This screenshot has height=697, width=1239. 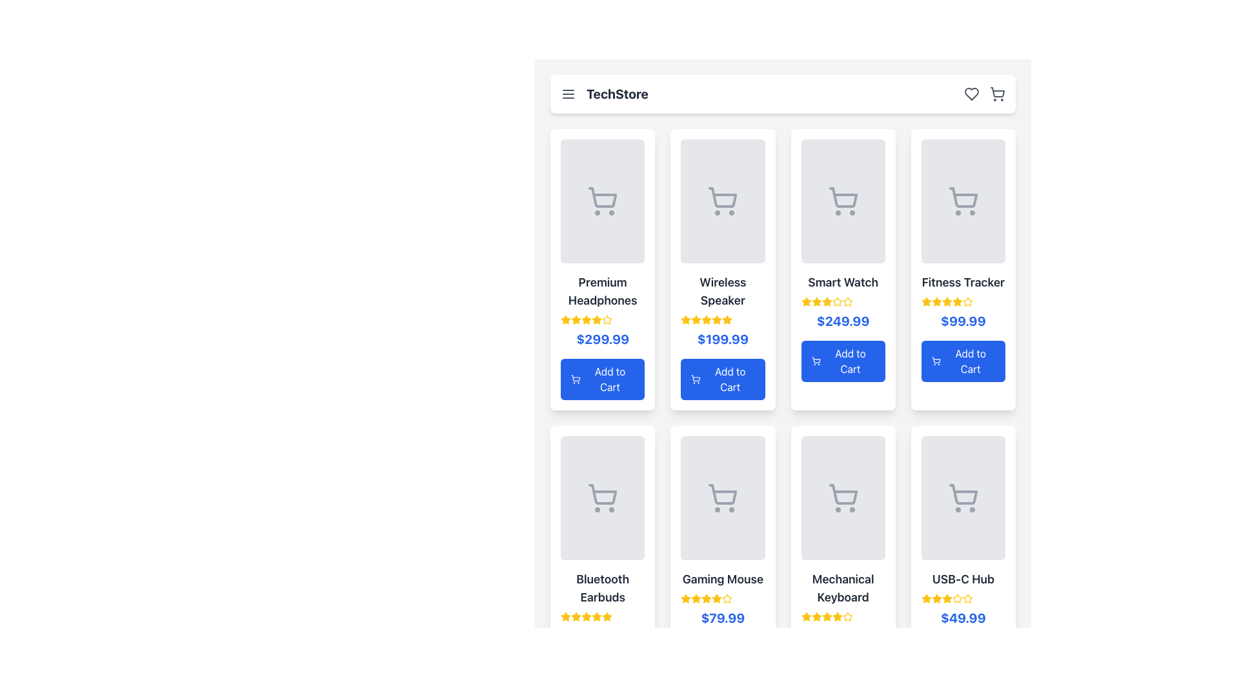 I want to click on the shopping cart icon element, which is styled in a line art format with a thin blue stroke, located in the Add to Cart button area of the Smart Watch product card, so click(x=815, y=360).